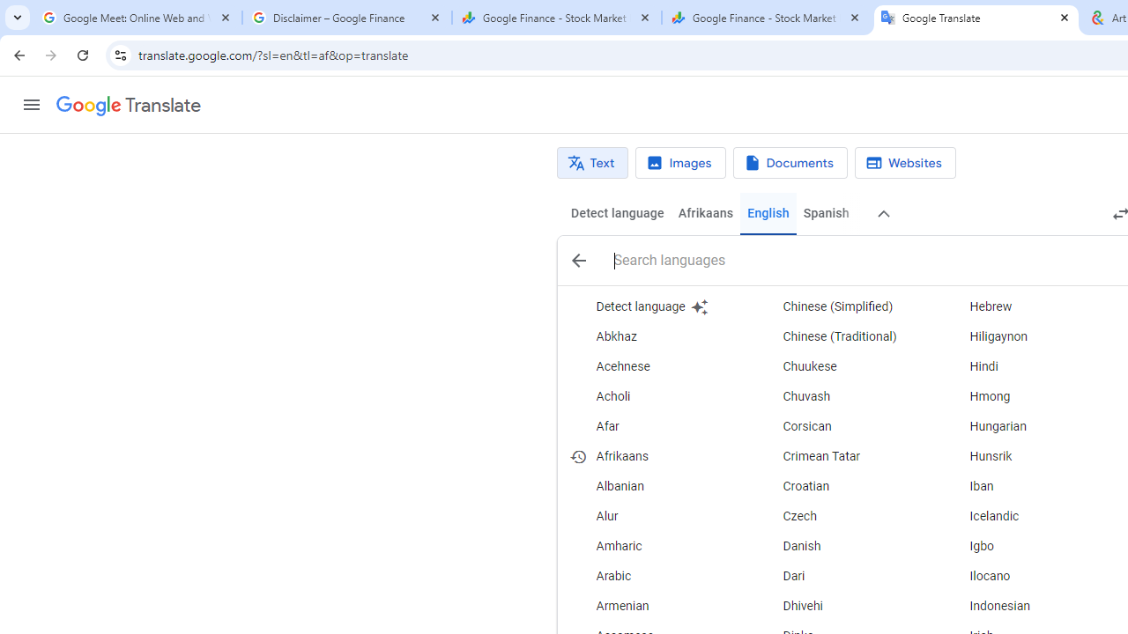 Image resolution: width=1128 pixels, height=634 pixels. I want to click on 'Spanish', so click(824, 213).